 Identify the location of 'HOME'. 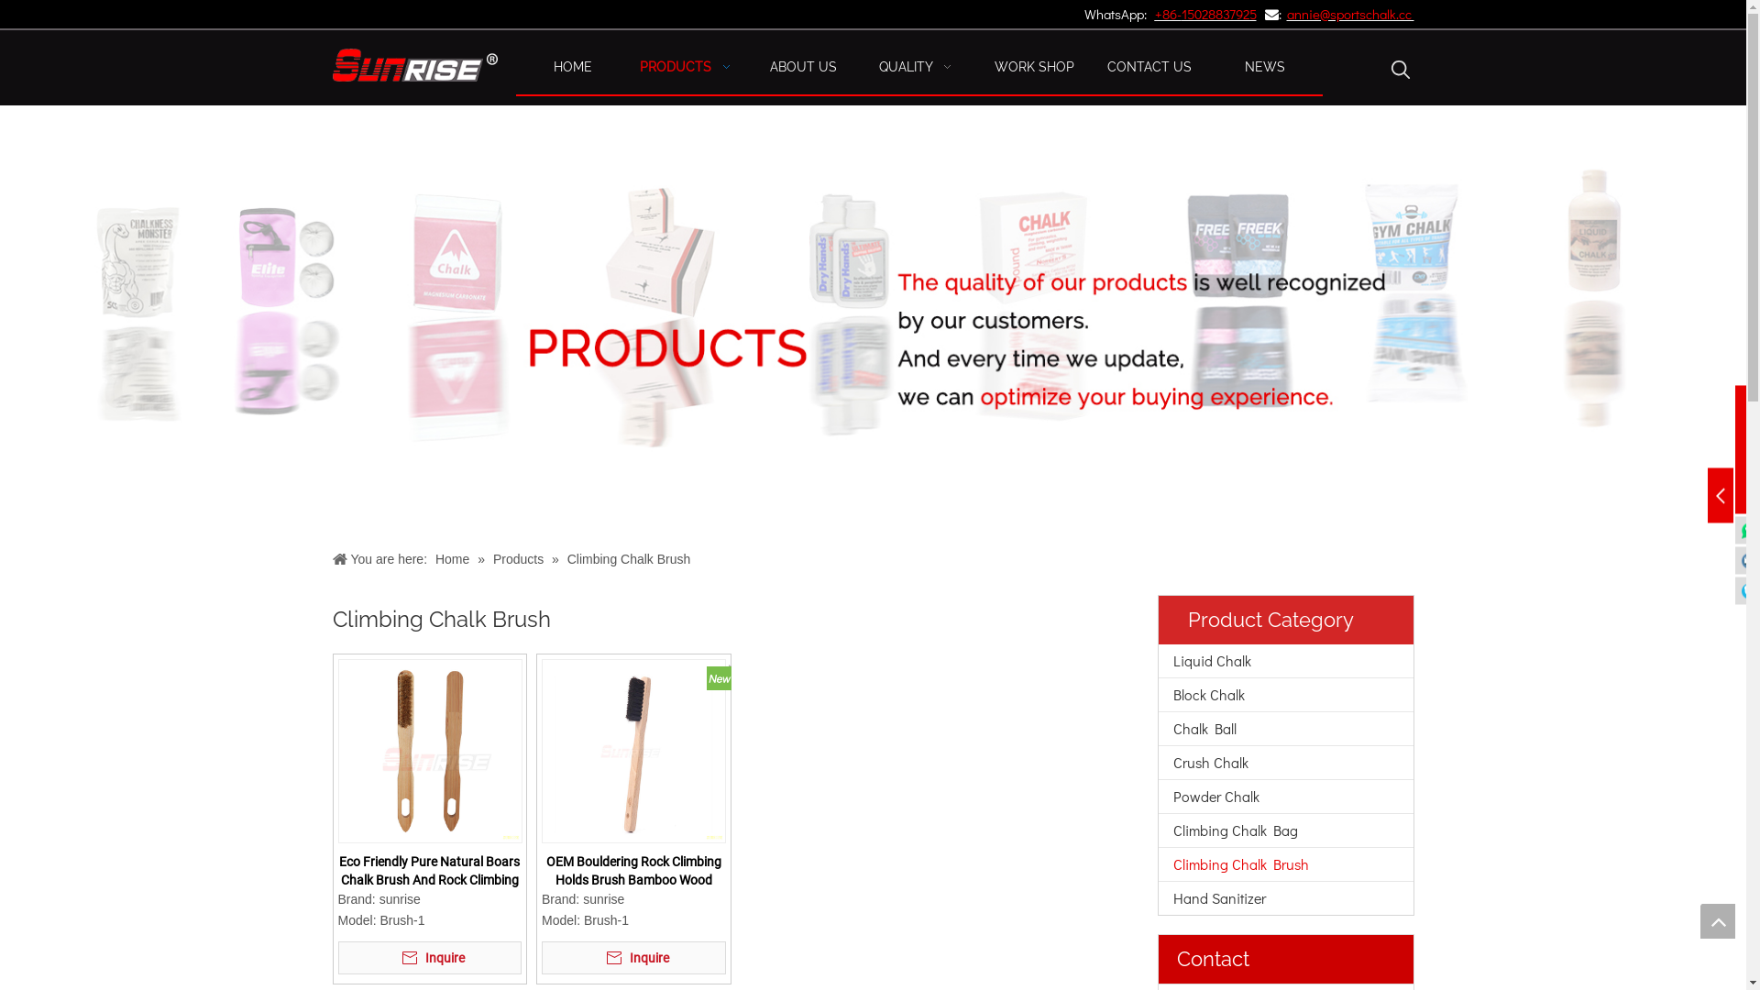
(571, 66).